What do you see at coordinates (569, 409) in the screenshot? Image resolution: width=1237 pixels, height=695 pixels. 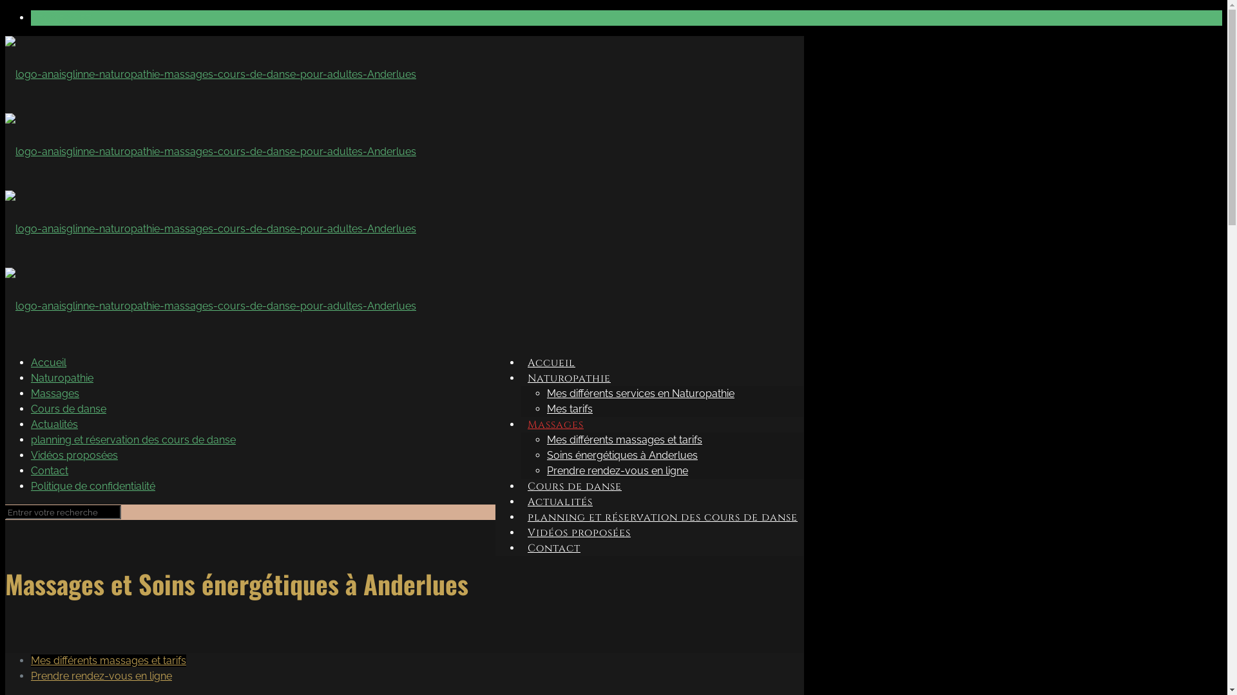 I see `'Mes tarifs'` at bounding box center [569, 409].